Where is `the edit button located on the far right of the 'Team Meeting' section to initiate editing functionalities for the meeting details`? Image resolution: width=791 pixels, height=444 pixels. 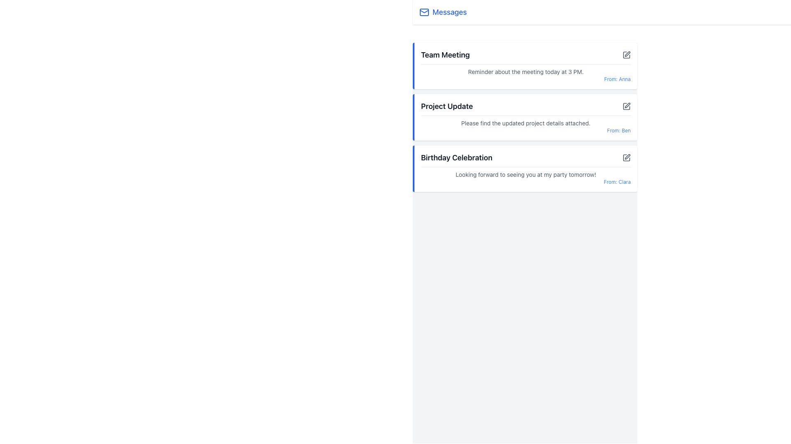
the edit button located on the far right of the 'Team Meeting' section to initiate editing functionalities for the meeting details is located at coordinates (626, 55).